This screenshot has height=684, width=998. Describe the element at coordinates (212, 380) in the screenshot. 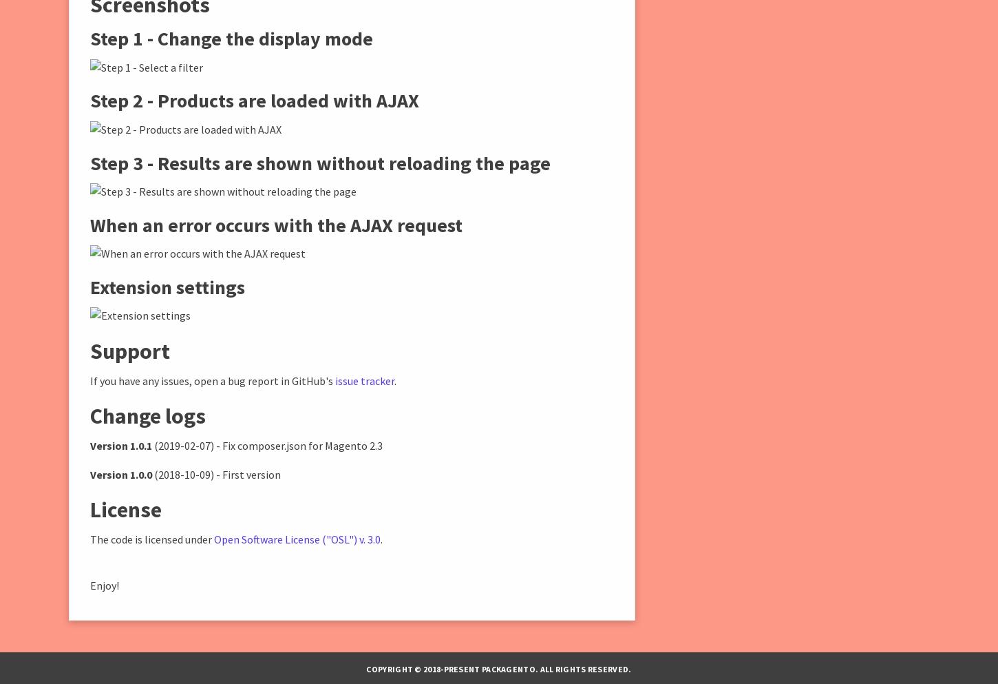

I see `'If you have any issues, open a bug report in GitHub's'` at that location.